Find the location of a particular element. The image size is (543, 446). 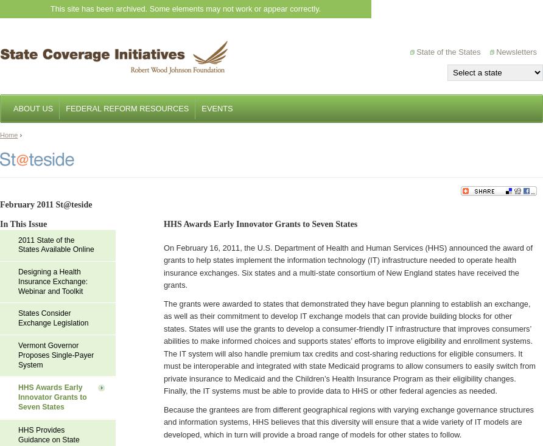

'On February 16, 2011, the U.S. Department of Health and Human Services (HHS) announced the award of grants to help states implement the information technology (IT) infrastructure needed to operate health insurance exchanges. Six states and a multi-state consortium of New England states have received the grants.' is located at coordinates (163, 266).